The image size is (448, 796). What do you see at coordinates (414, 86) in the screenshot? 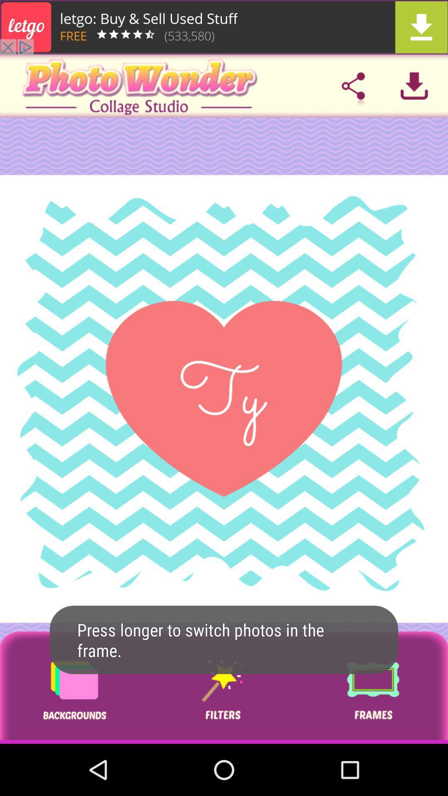
I see `download` at bounding box center [414, 86].